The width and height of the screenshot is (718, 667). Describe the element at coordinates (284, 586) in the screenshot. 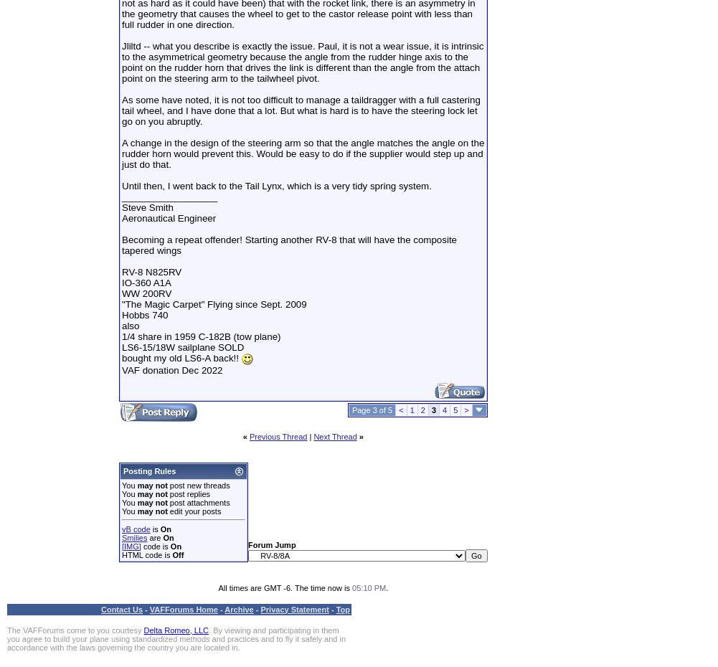

I see `'All times are GMT -6. The time now is'` at that location.